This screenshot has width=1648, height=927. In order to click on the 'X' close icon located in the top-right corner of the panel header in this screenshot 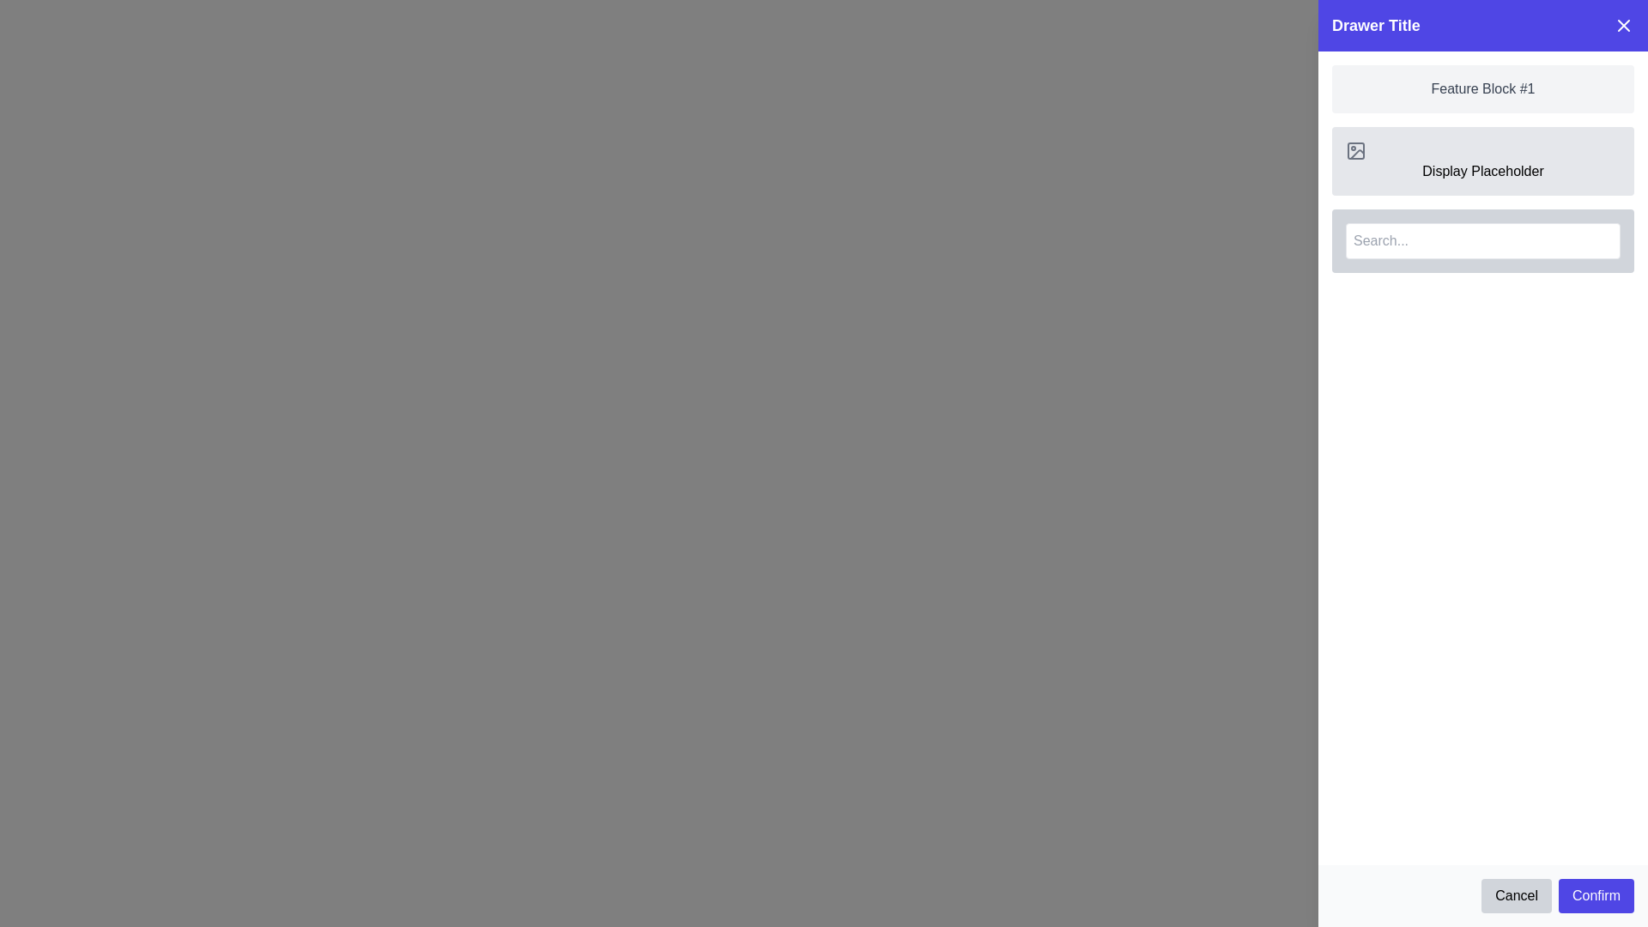, I will do `click(1622, 26)`.